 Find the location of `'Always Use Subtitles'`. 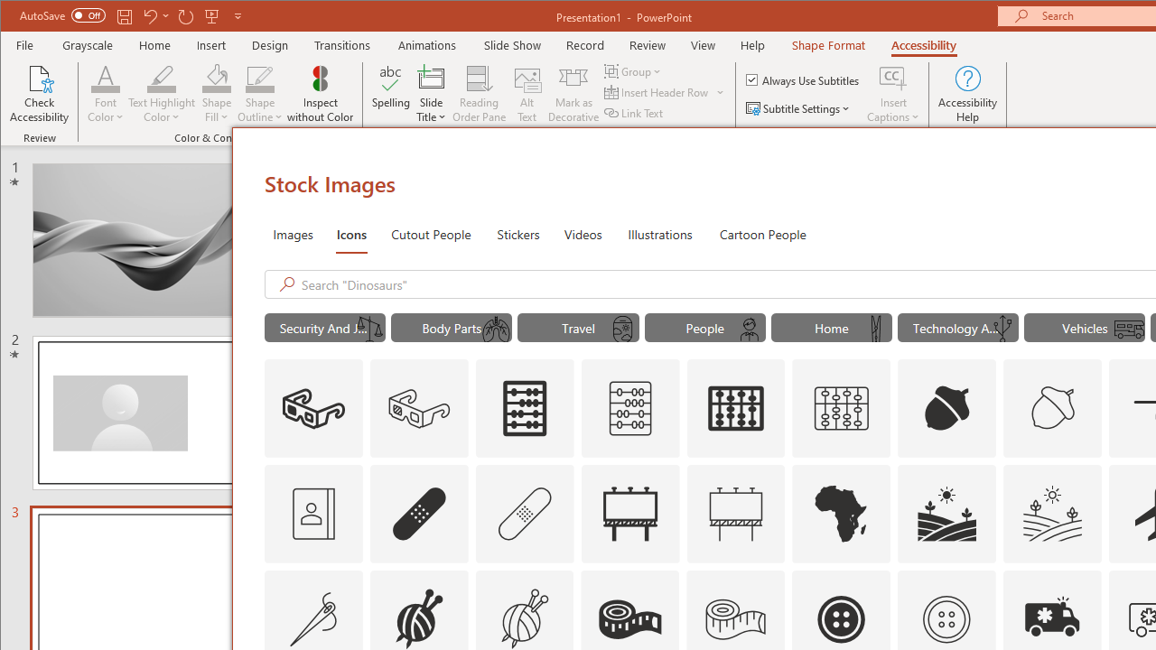

'Always Use Subtitles' is located at coordinates (803, 79).